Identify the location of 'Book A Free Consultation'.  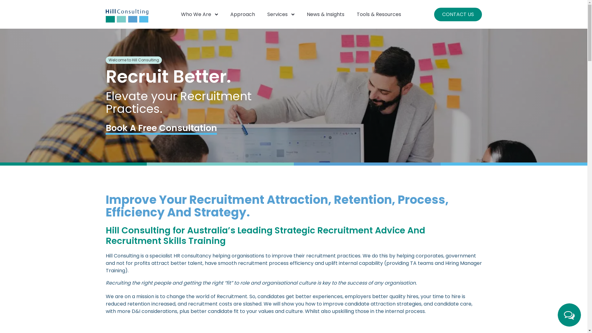
(161, 128).